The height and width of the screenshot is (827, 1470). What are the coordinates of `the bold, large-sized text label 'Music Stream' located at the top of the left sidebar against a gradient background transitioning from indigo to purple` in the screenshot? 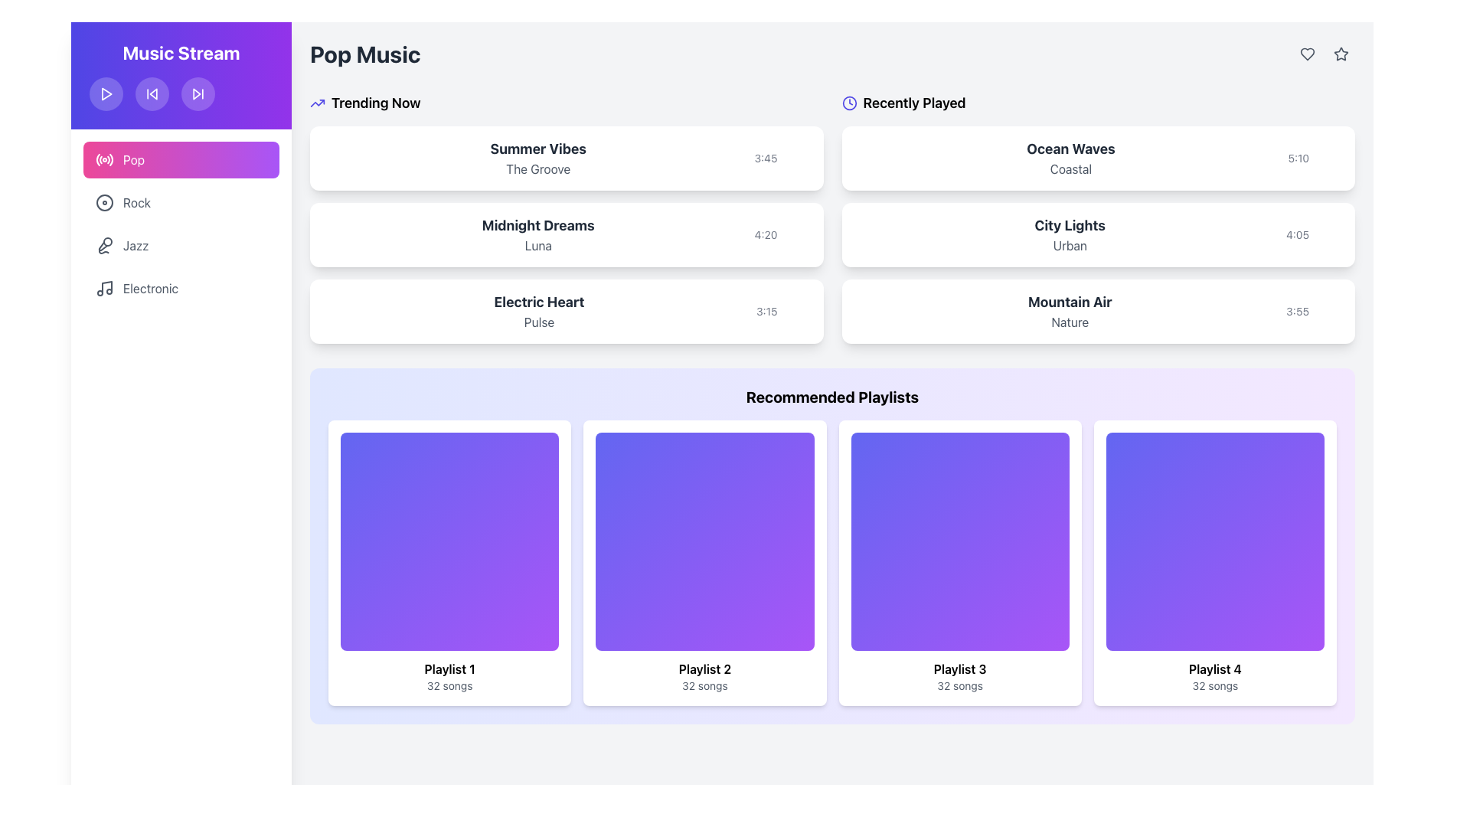 It's located at (181, 52).